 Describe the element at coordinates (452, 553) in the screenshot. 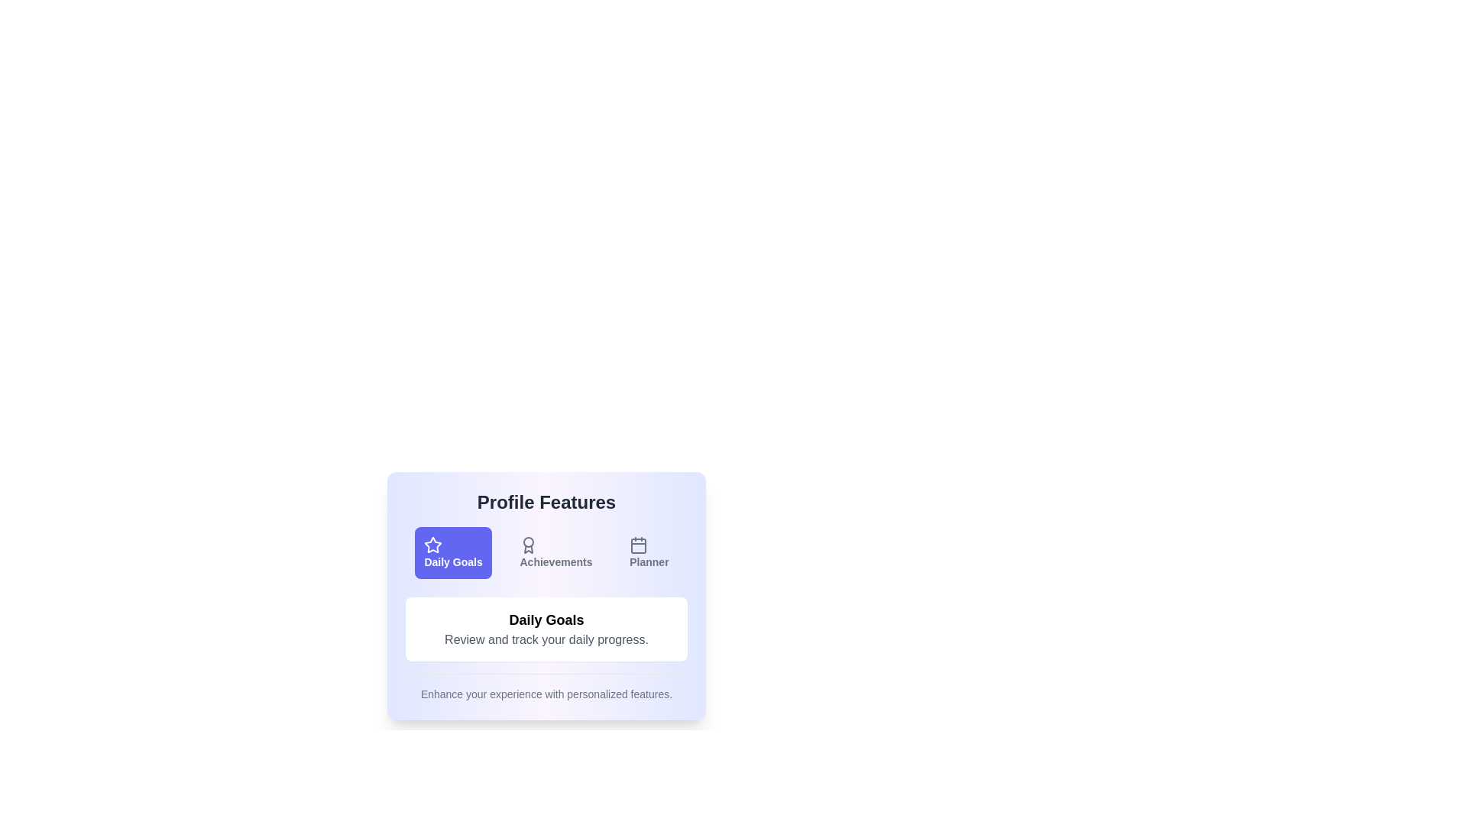

I see `the button labeled Daily Goals to observe its hover effect` at that location.